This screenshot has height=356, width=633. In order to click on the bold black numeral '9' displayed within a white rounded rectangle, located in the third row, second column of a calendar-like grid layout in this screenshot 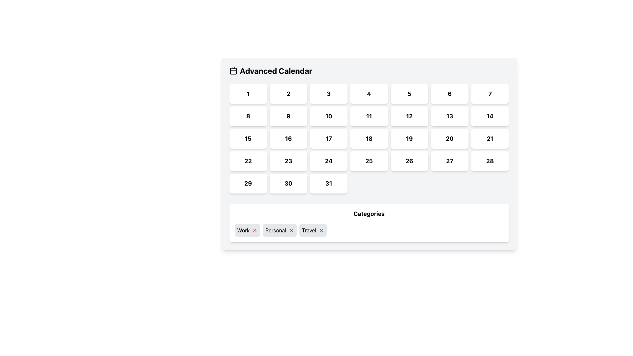, I will do `click(288, 116)`.